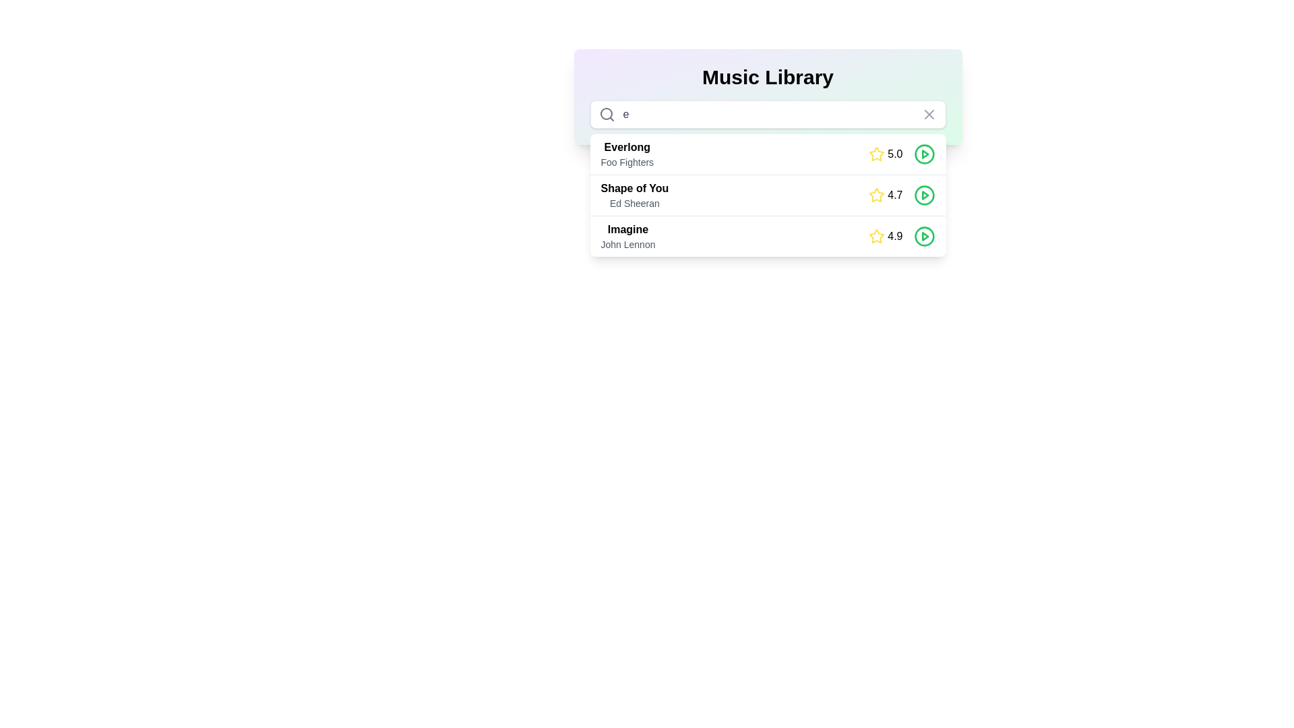  Describe the element at coordinates (902, 195) in the screenshot. I see `the text label indicating the rating value '4.7' for the song 'Shape of You' located in the second row of the song list in the 'Music Library' interface` at that location.